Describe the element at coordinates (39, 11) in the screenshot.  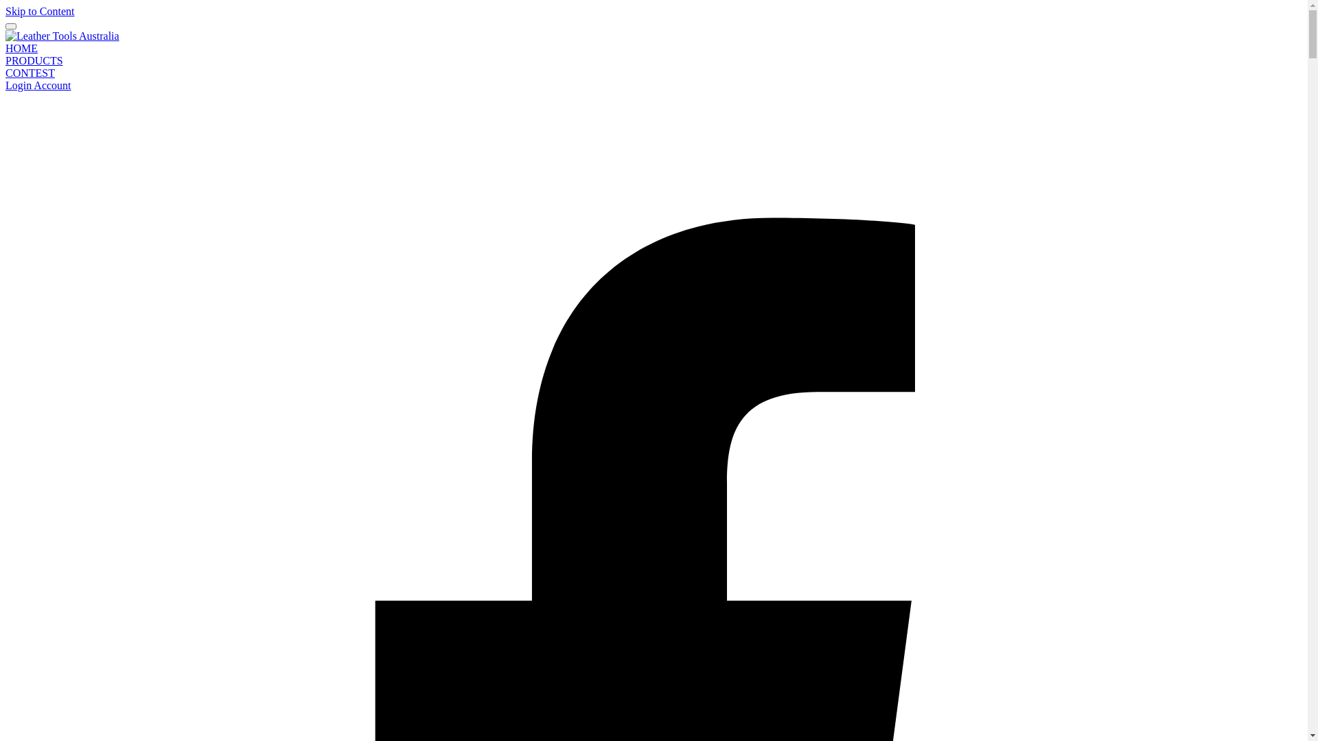
I see `'Skip to Content'` at that location.